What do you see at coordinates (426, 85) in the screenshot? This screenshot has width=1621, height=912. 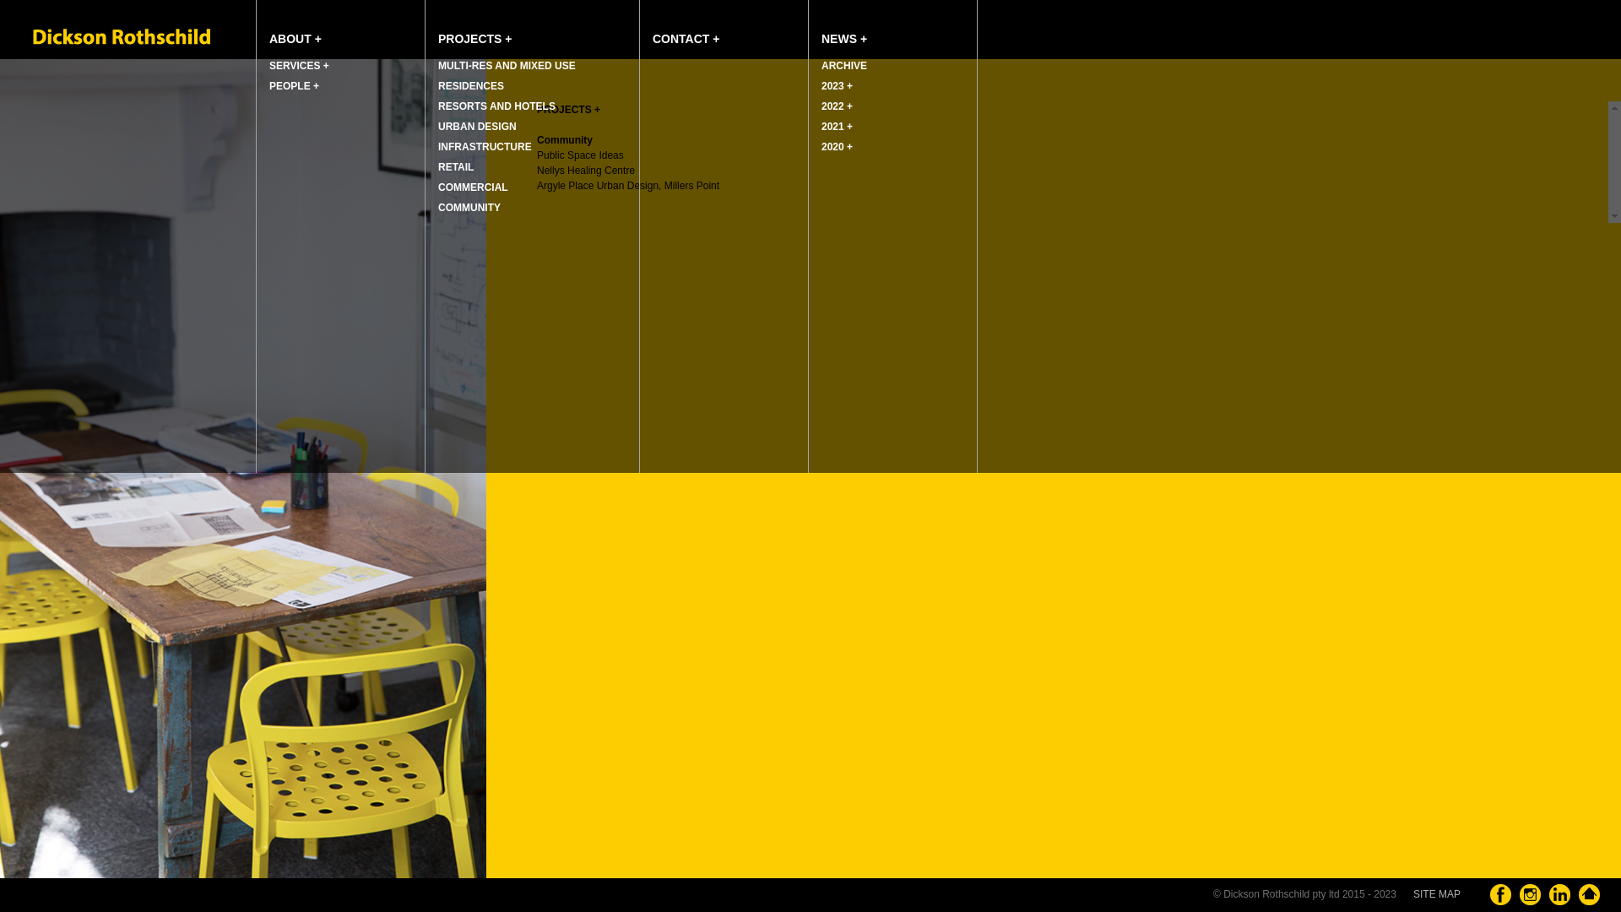 I see `'RESIDENCES'` at bounding box center [426, 85].